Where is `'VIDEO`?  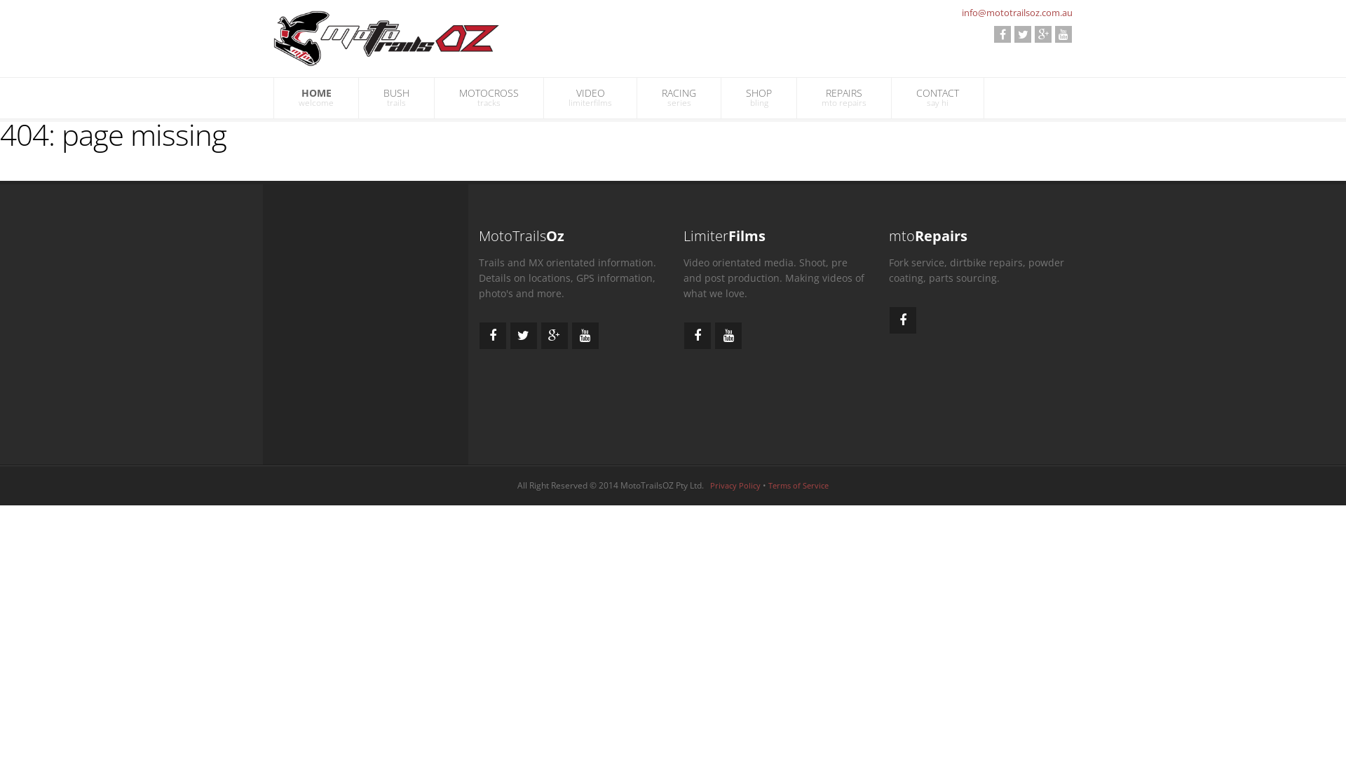
'VIDEO is located at coordinates (543, 97).